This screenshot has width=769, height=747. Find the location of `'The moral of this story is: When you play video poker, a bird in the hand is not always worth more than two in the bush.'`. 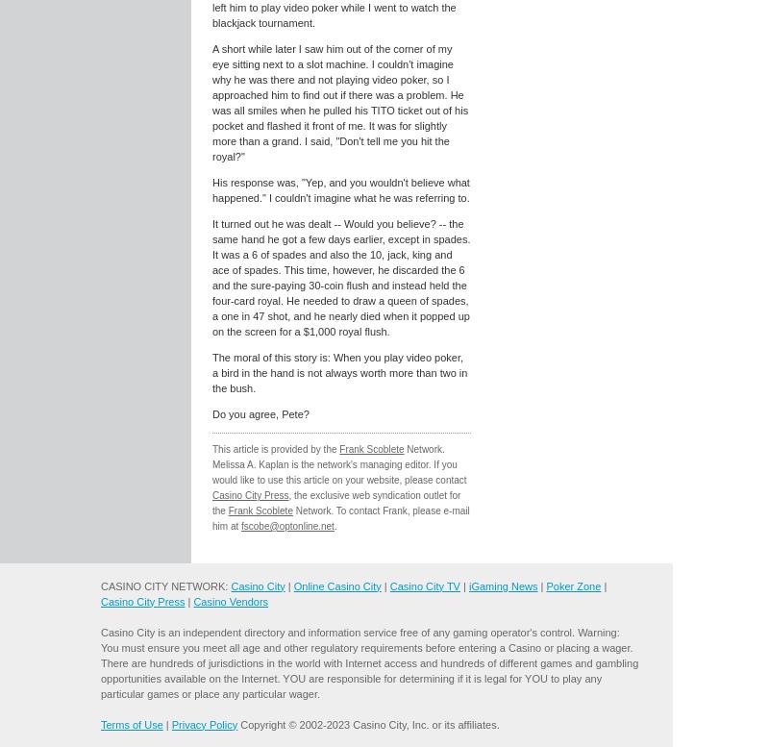

'The moral of this story is: When you play video poker, a bird in the hand is not always worth more than two in the bush.' is located at coordinates (339, 372).